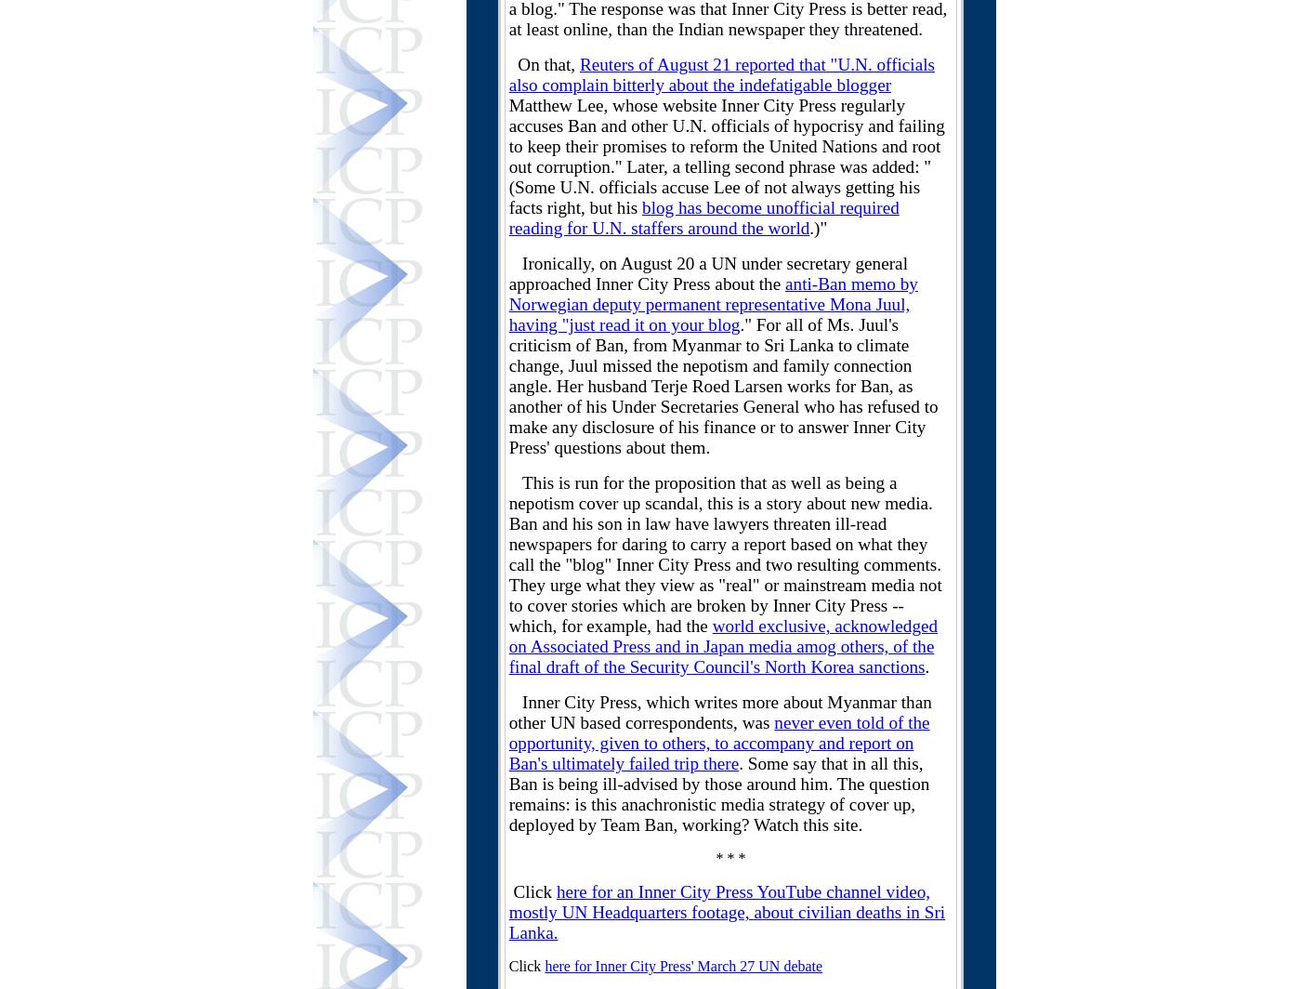 This screenshot has height=989, width=1301. I want to click on '* * *', so click(729, 857).